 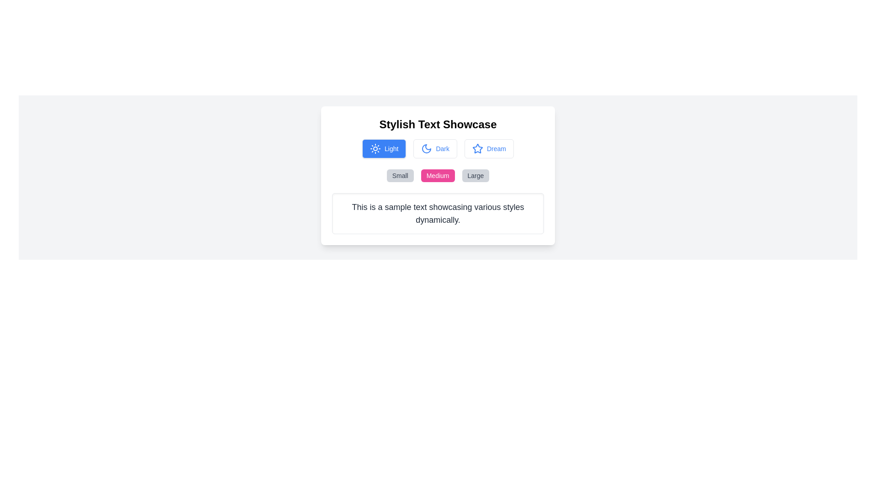 I want to click on the blue button labeled 'Light' with a sun icon, so click(x=384, y=148).